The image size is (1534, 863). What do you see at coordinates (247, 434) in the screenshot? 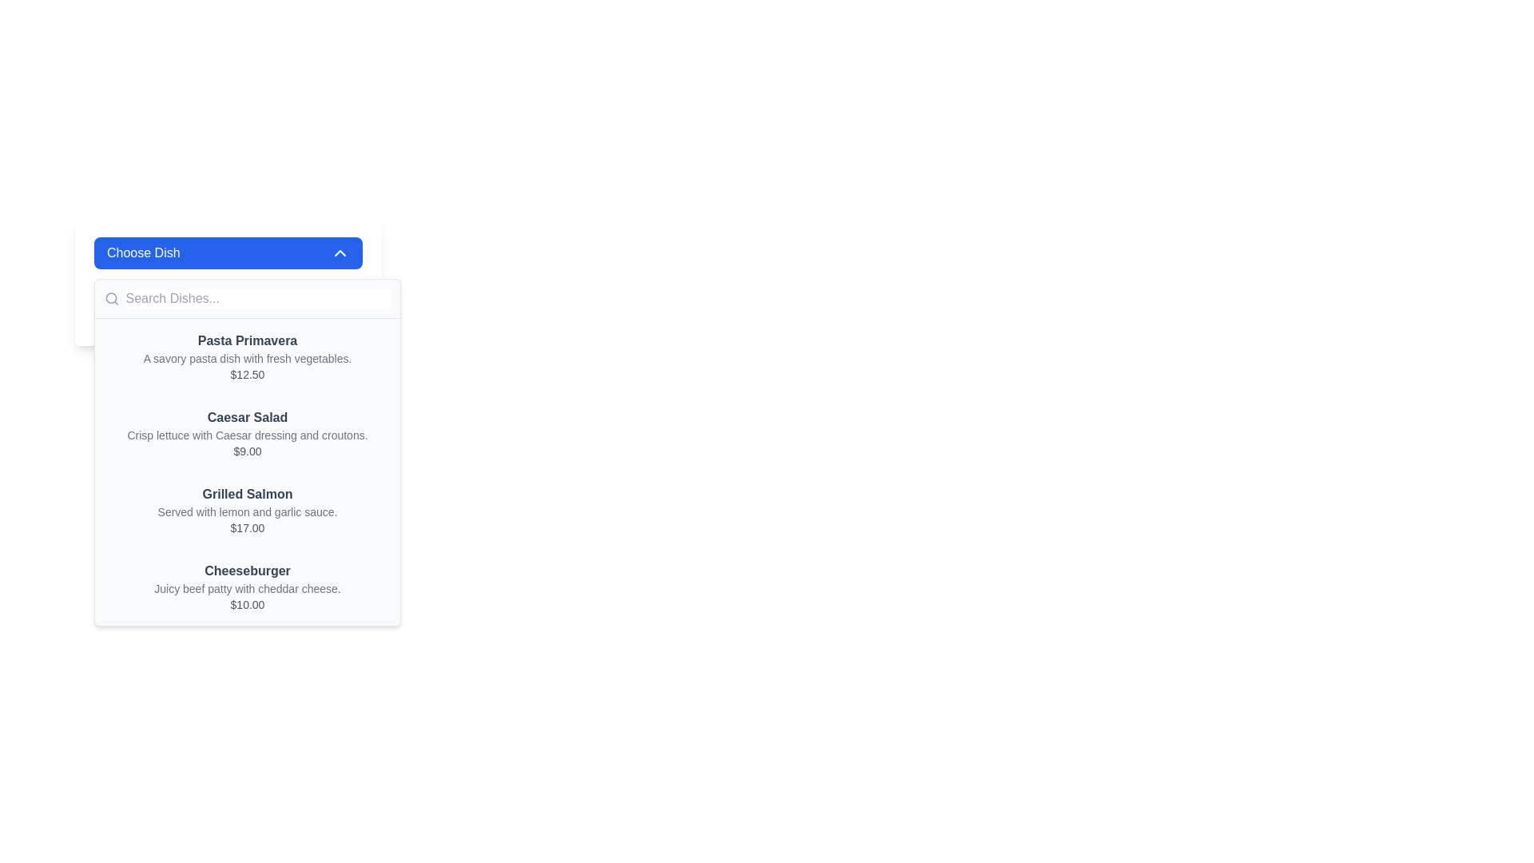
I see `the 'Caesar Salad' menu item located in the center of the visible menu, specifically the second item in the vertical list of dishes within the dropdown menu` at bounding box center [247, 434].